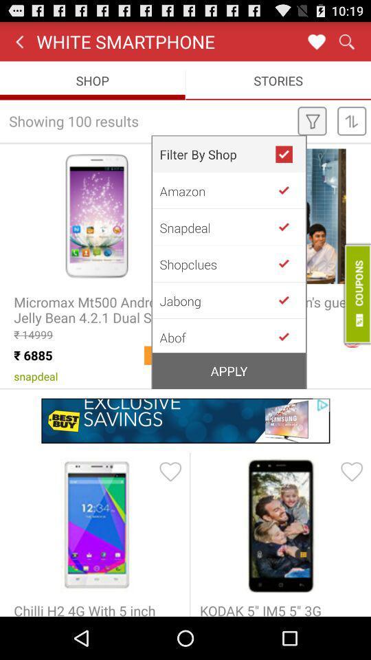  What do you see at coordinates (217, 190) in the screenshot?
I see `the amazon icon` at bounding box center [217, 190].